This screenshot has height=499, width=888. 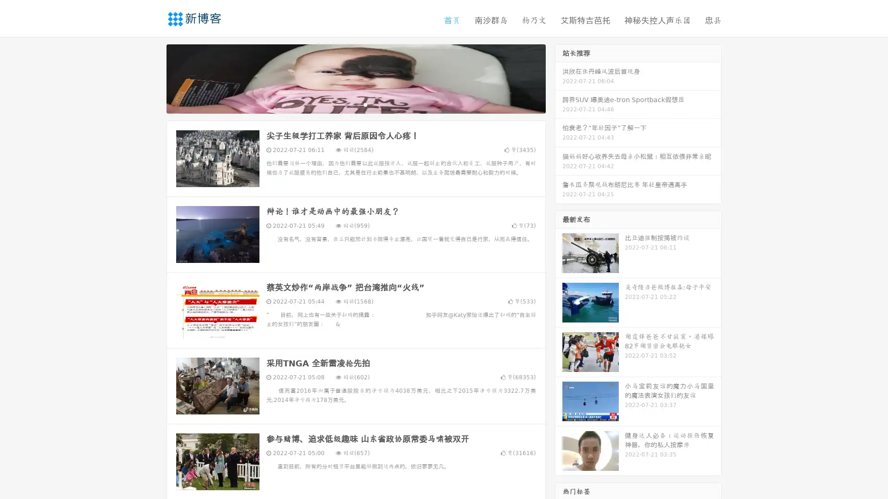 What do you see at coordinates (153, 78) in the screenshot?
I see `Previous slide` at bounding box center [153, 78].